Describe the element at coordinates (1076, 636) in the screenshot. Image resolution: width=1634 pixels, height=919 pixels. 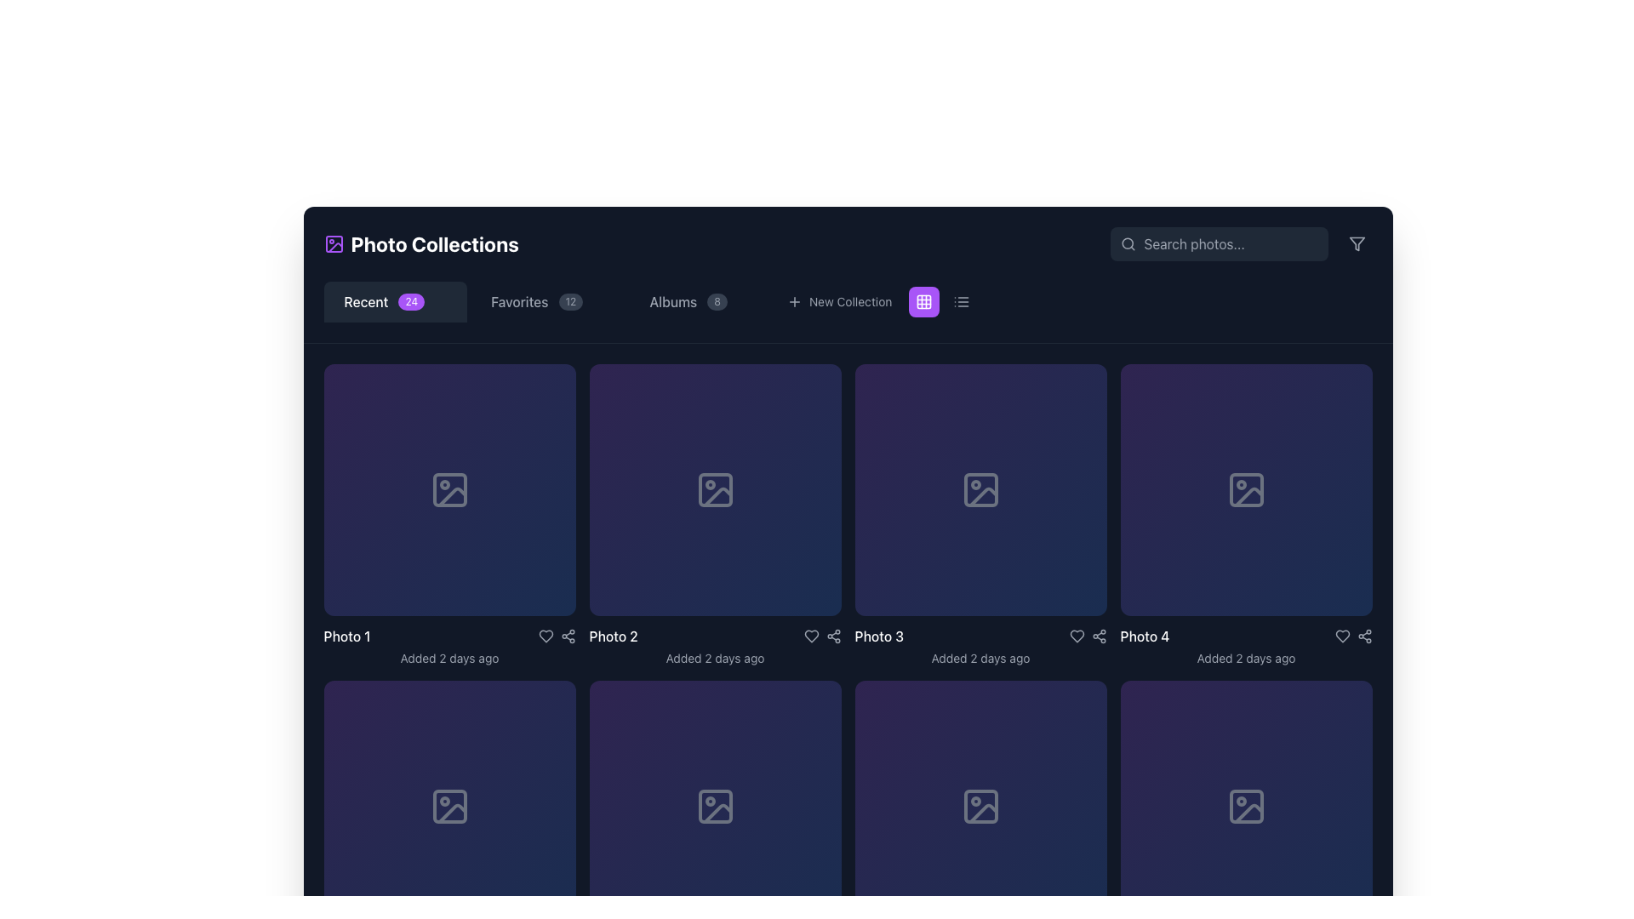
I see `the heart icon button, which indicates a 'like' or 'favorite' action` at that location.